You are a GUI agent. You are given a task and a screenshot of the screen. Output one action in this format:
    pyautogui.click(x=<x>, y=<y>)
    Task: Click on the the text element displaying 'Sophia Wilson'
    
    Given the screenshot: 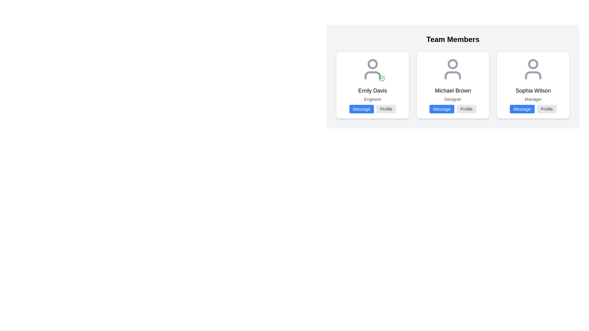 What is the action you would take?
    pyautogui.click(x=533, y=91)
    